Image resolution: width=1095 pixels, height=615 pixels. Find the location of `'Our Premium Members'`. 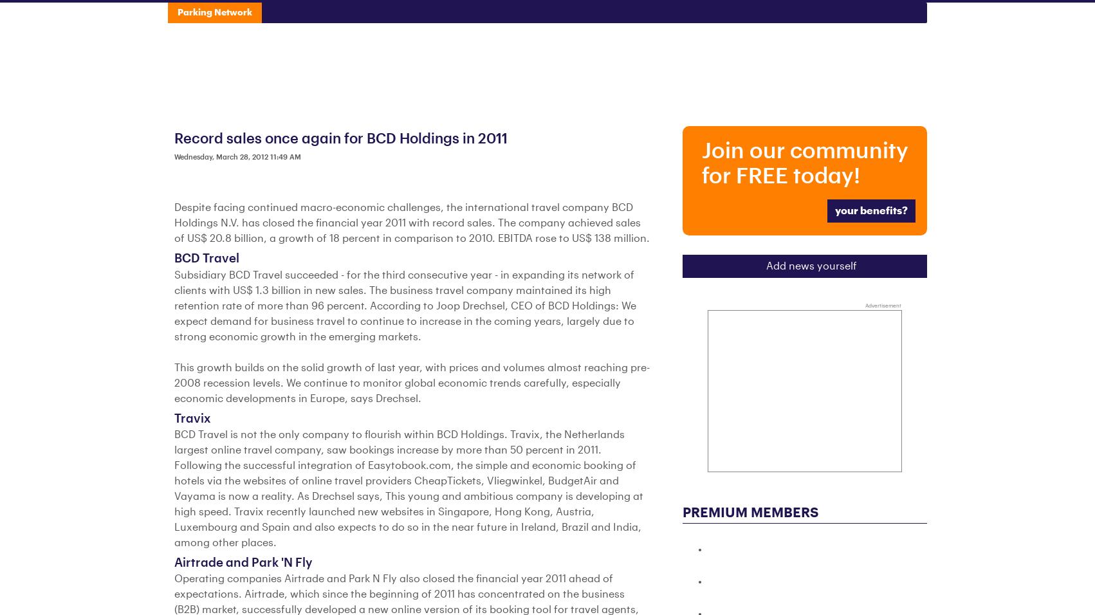

'Our Premium Members' is located at coordinates (546, 216).